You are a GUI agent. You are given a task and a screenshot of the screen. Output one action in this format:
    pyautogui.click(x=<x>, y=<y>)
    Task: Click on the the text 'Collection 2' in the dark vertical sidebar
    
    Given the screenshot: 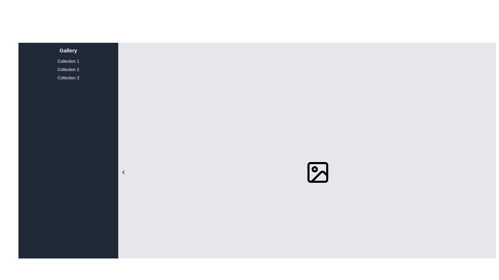 What is the action you would take?
    pyautogui.click(x=68, y=69)
    